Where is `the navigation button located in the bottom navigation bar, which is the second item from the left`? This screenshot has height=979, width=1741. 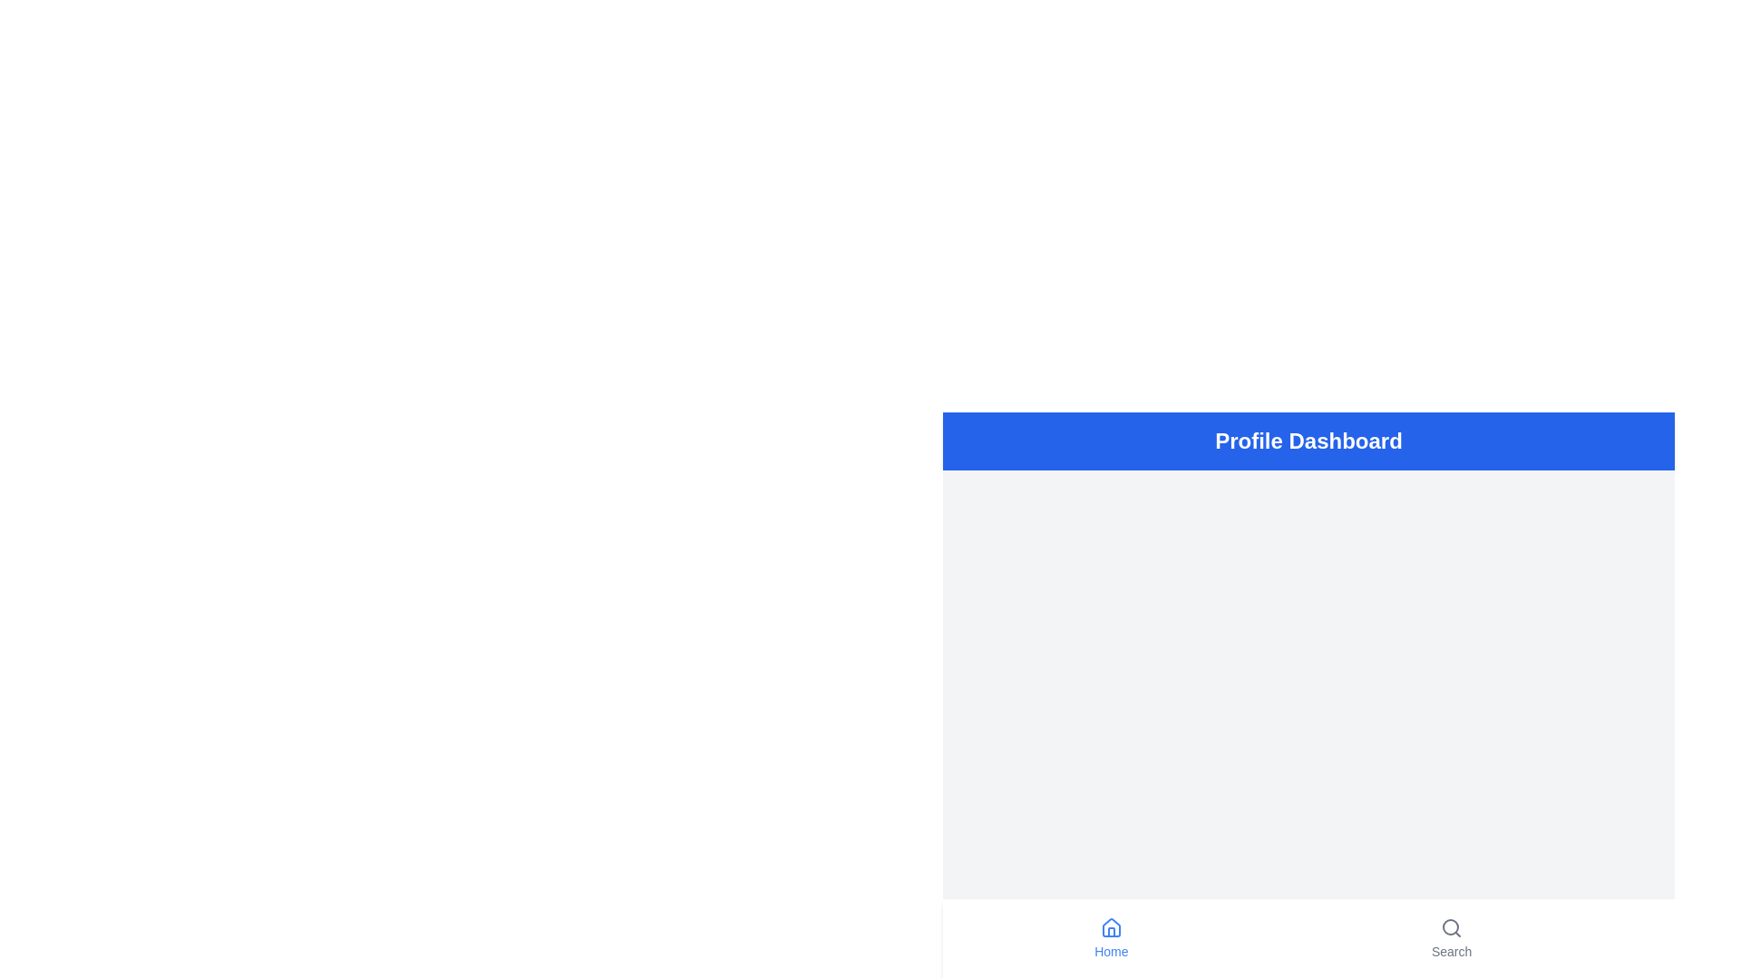 the navigation button located in the bottom navigation bar, which is the second item from the left is located at coordinates (1452, 938).